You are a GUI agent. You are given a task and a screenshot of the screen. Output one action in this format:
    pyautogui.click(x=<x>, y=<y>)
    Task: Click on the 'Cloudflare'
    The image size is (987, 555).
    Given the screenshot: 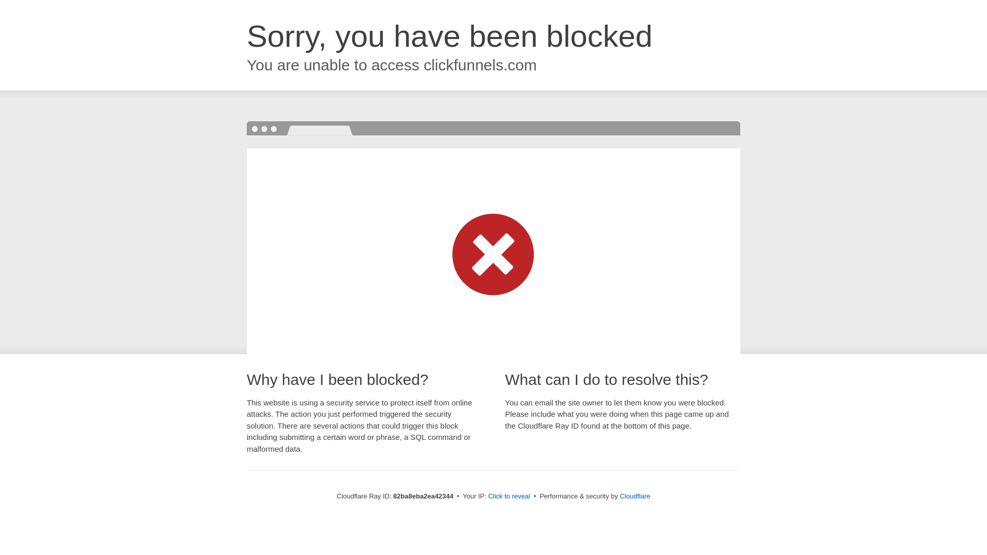 What is the action you would take?
    pyautogui.click(x=634, y=495)
    